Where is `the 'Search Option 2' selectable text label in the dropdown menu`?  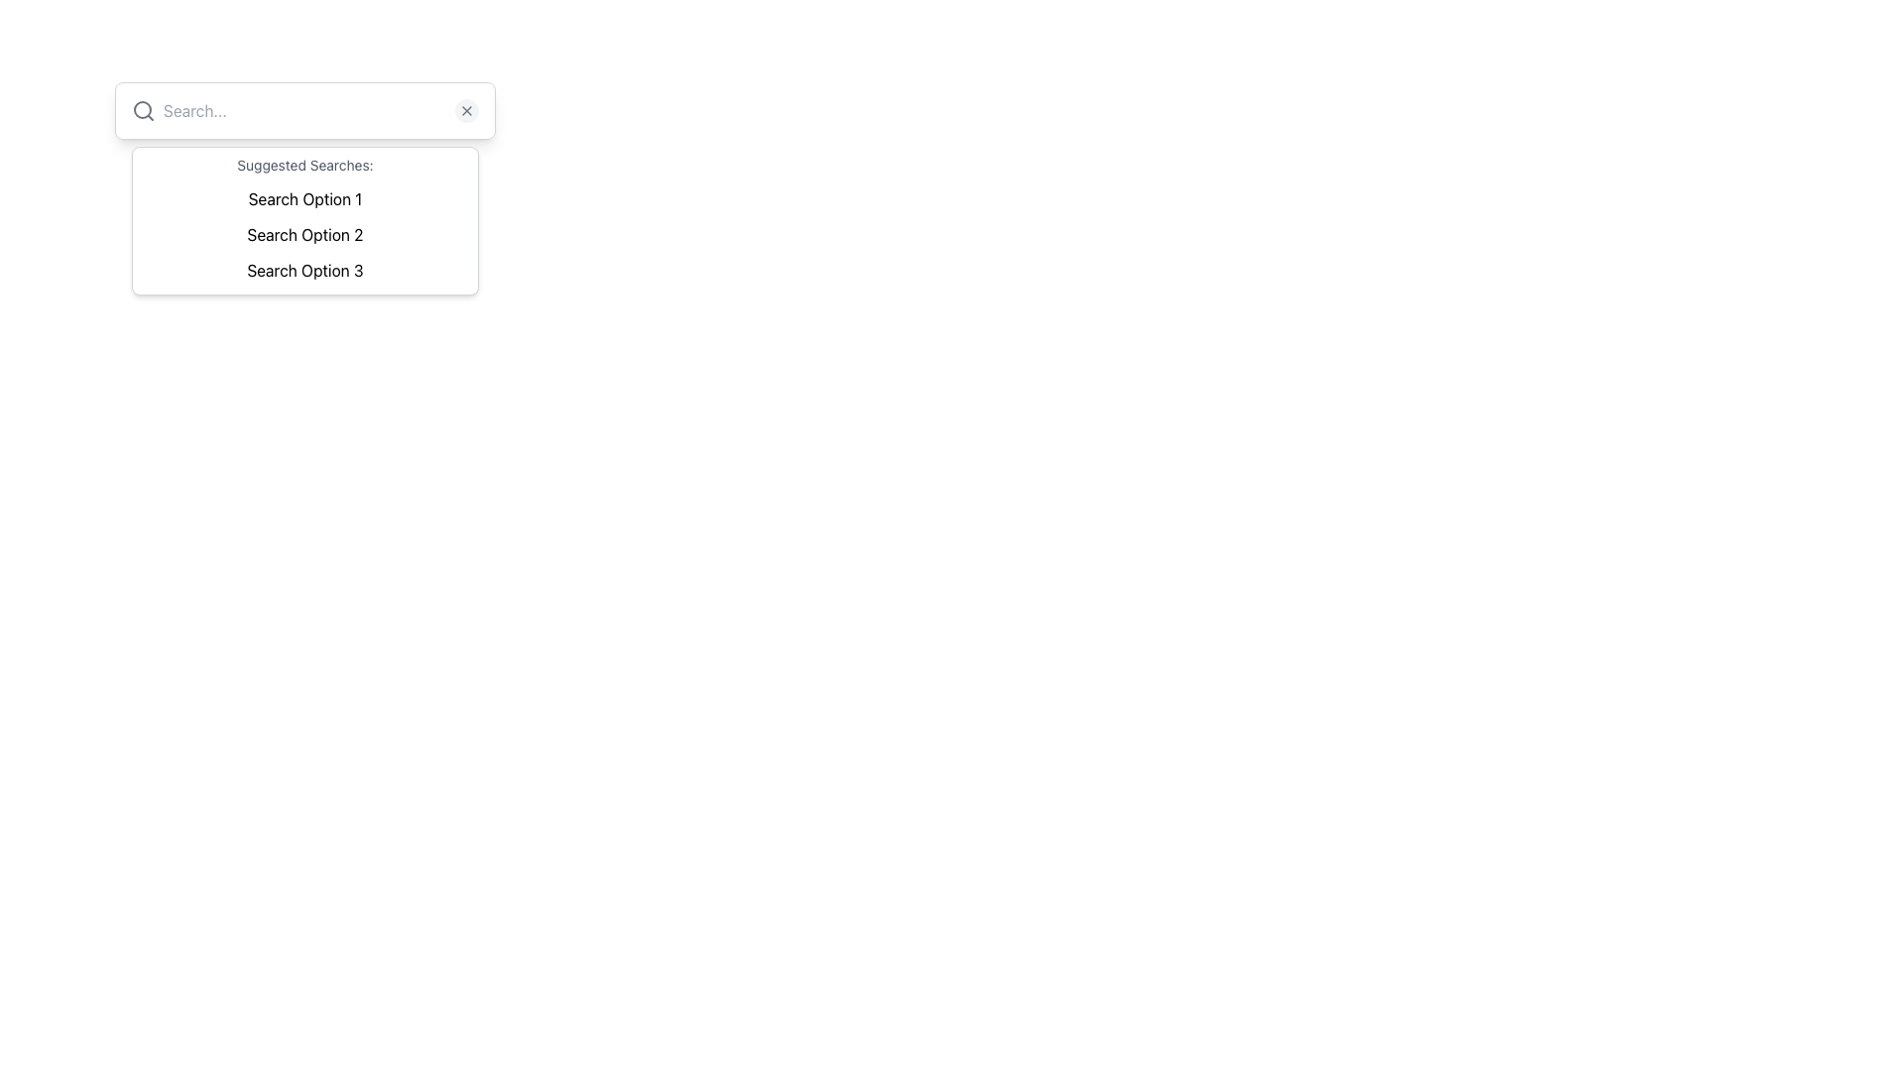
the 'Search Option 2' selectable text label in the dropdown menu is located at coordinates (303, 233).